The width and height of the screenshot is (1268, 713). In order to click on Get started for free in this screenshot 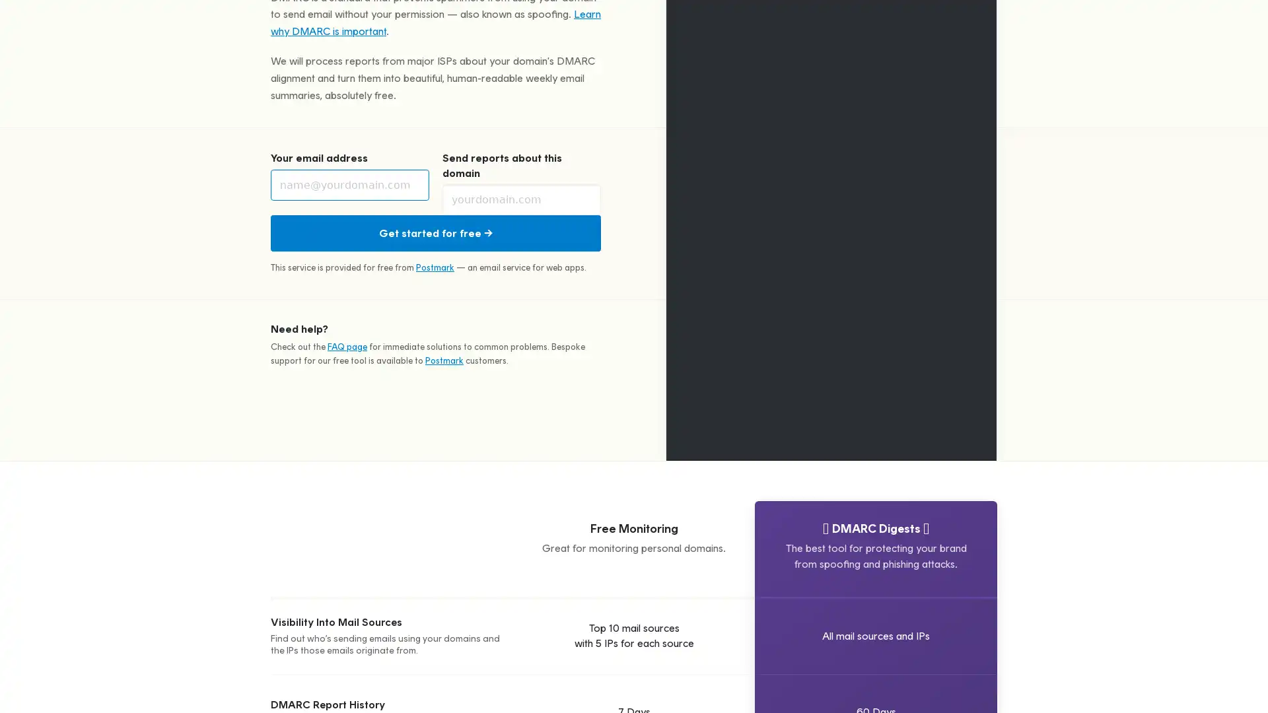, I will do `click(436, 232)`.